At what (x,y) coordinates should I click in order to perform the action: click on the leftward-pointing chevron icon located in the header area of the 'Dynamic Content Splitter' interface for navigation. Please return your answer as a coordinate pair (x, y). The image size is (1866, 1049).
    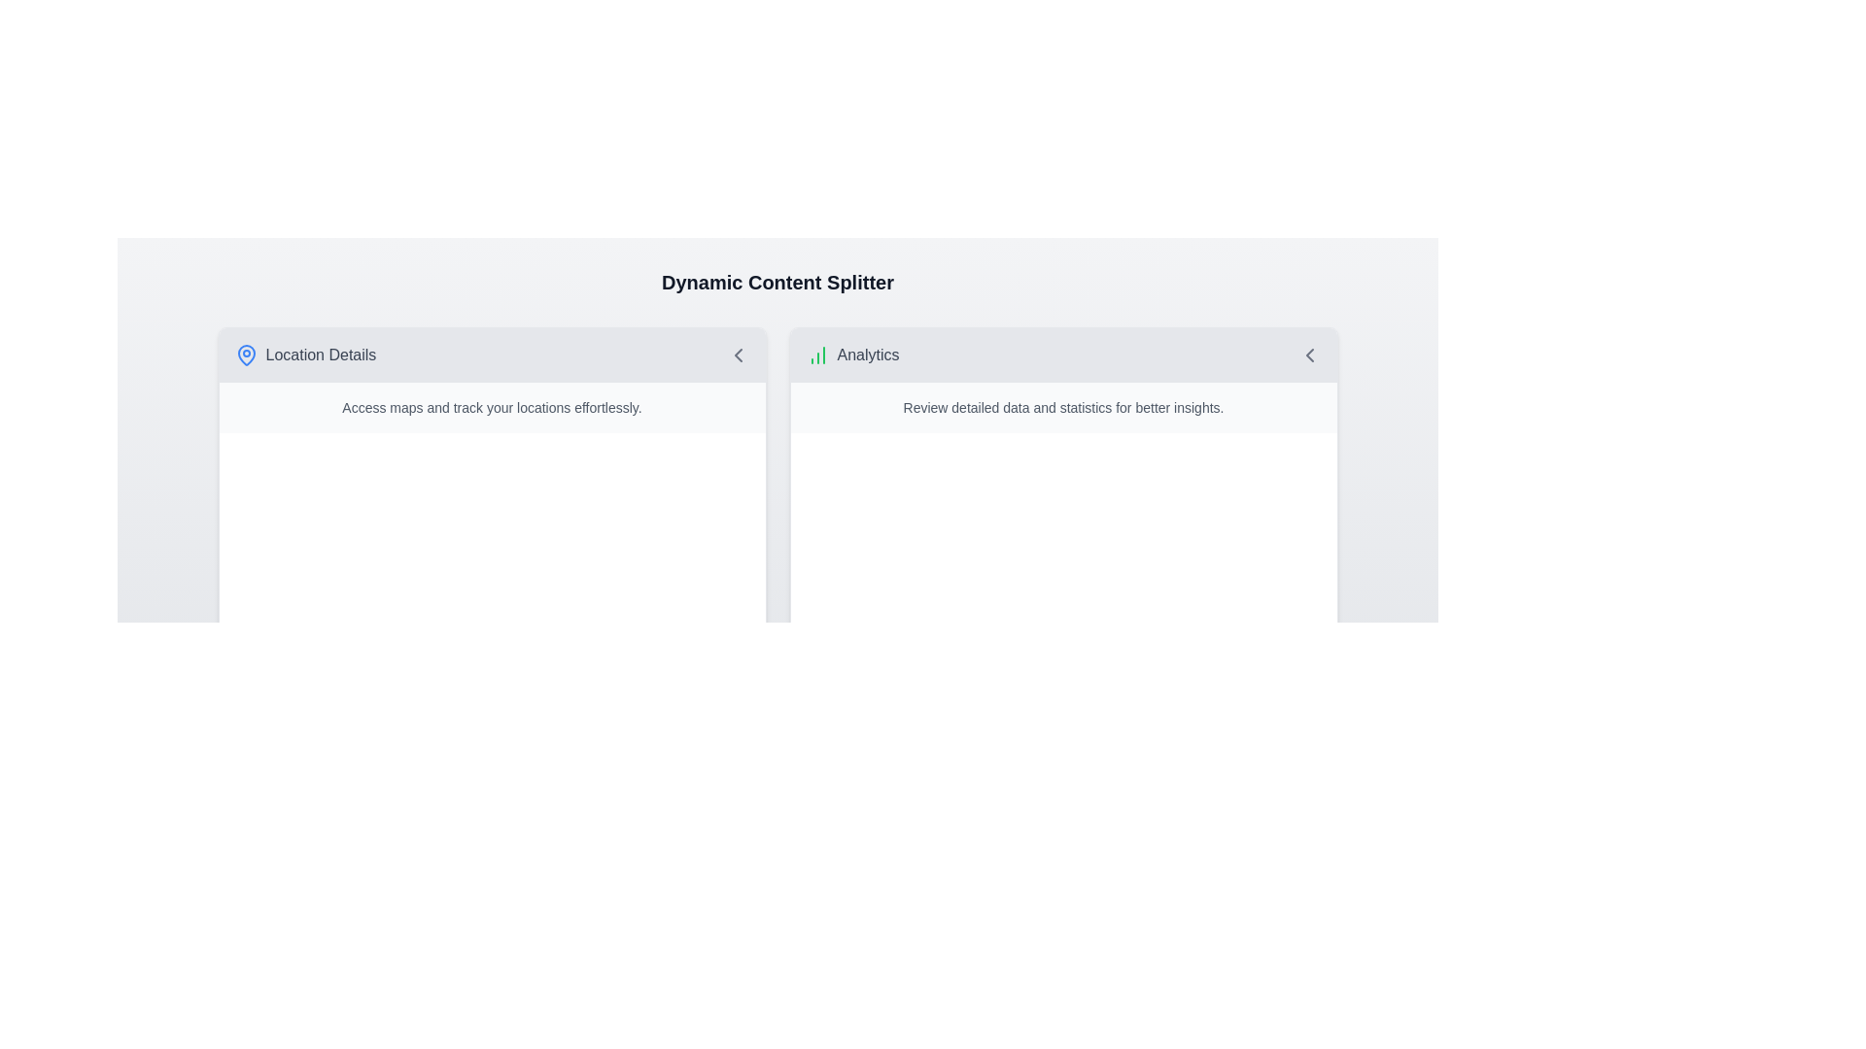
    Looking at the image, I should click on (737, 355).